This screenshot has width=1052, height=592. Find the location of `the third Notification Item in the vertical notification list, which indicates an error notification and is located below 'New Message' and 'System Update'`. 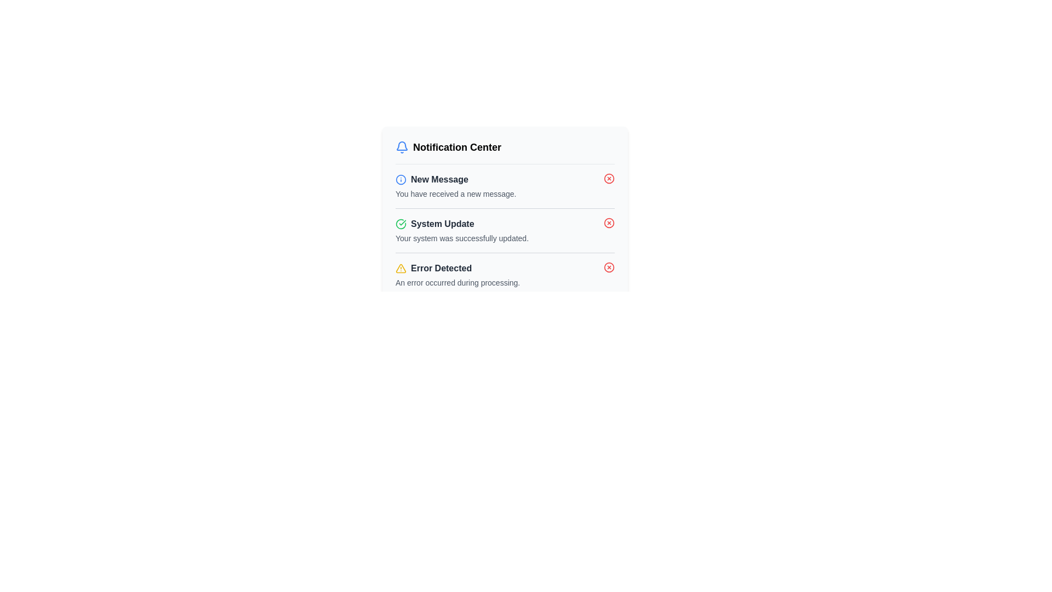

the third Notification Item in the vertical notification list, which indicates an error notification and is located below 'New Message' and 'System Update' is located at coordinates (458, 274).